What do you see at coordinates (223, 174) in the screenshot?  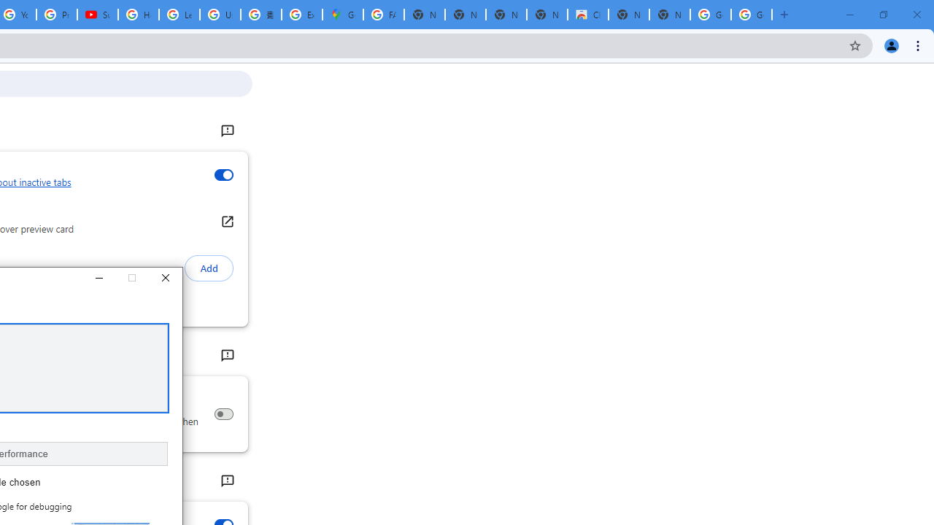 I see `'Inactive tabs appearance'` at bounding box center [223, 174].